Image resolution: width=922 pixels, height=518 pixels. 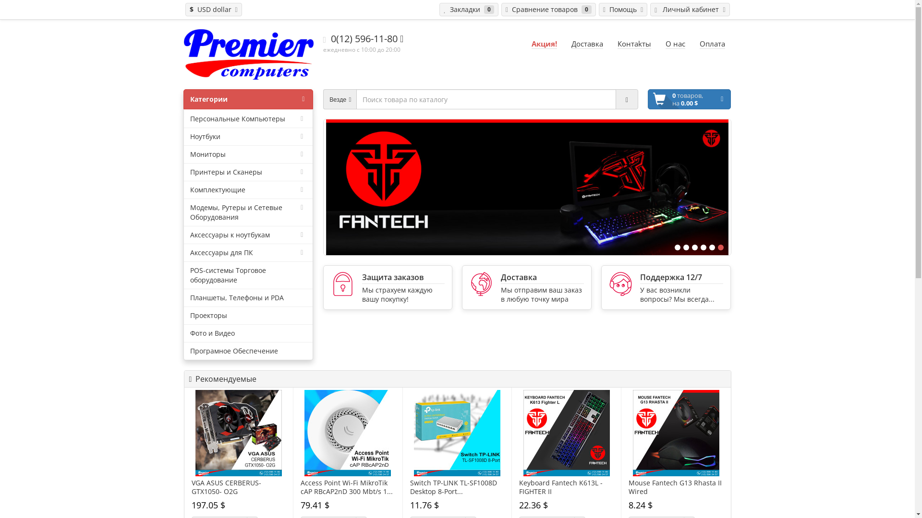 What do you see at coordinates (238, 487) in the screenshot?
I see `'VGA ASUS CERBERUS-GTX1050- O2G'` at bounding box center [238, 487].